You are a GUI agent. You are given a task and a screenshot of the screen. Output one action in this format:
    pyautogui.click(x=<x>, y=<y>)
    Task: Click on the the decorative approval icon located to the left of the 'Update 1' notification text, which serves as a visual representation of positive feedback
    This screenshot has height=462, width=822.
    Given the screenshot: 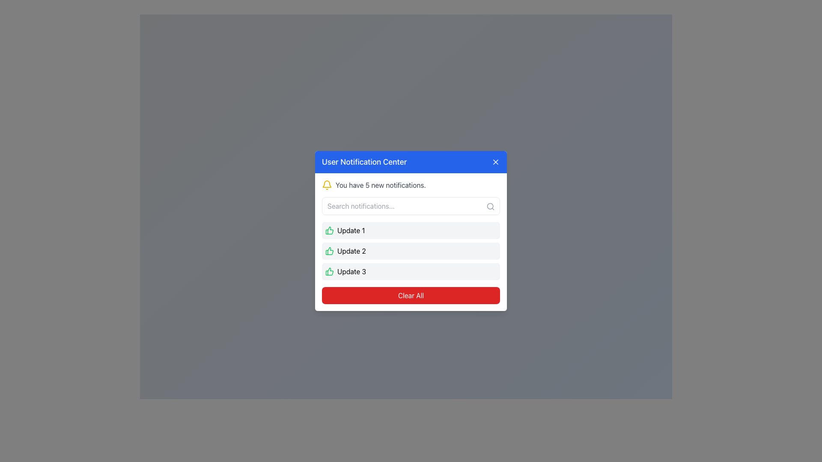 What is the action you would take?
    pyautogui.click(x=329, y=230)
    